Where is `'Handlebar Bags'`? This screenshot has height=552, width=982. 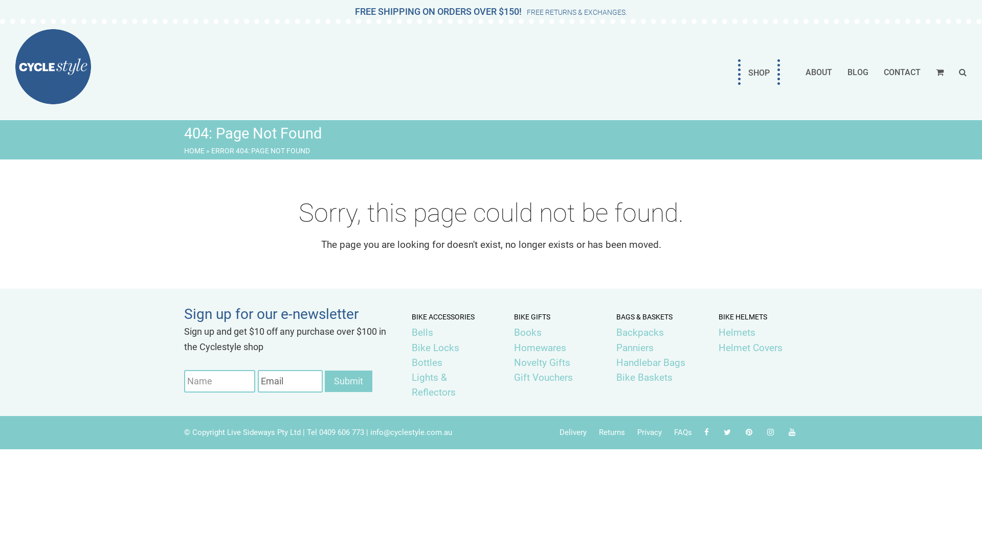 'Handlebar Bags' is located at coordinates (650, 362).